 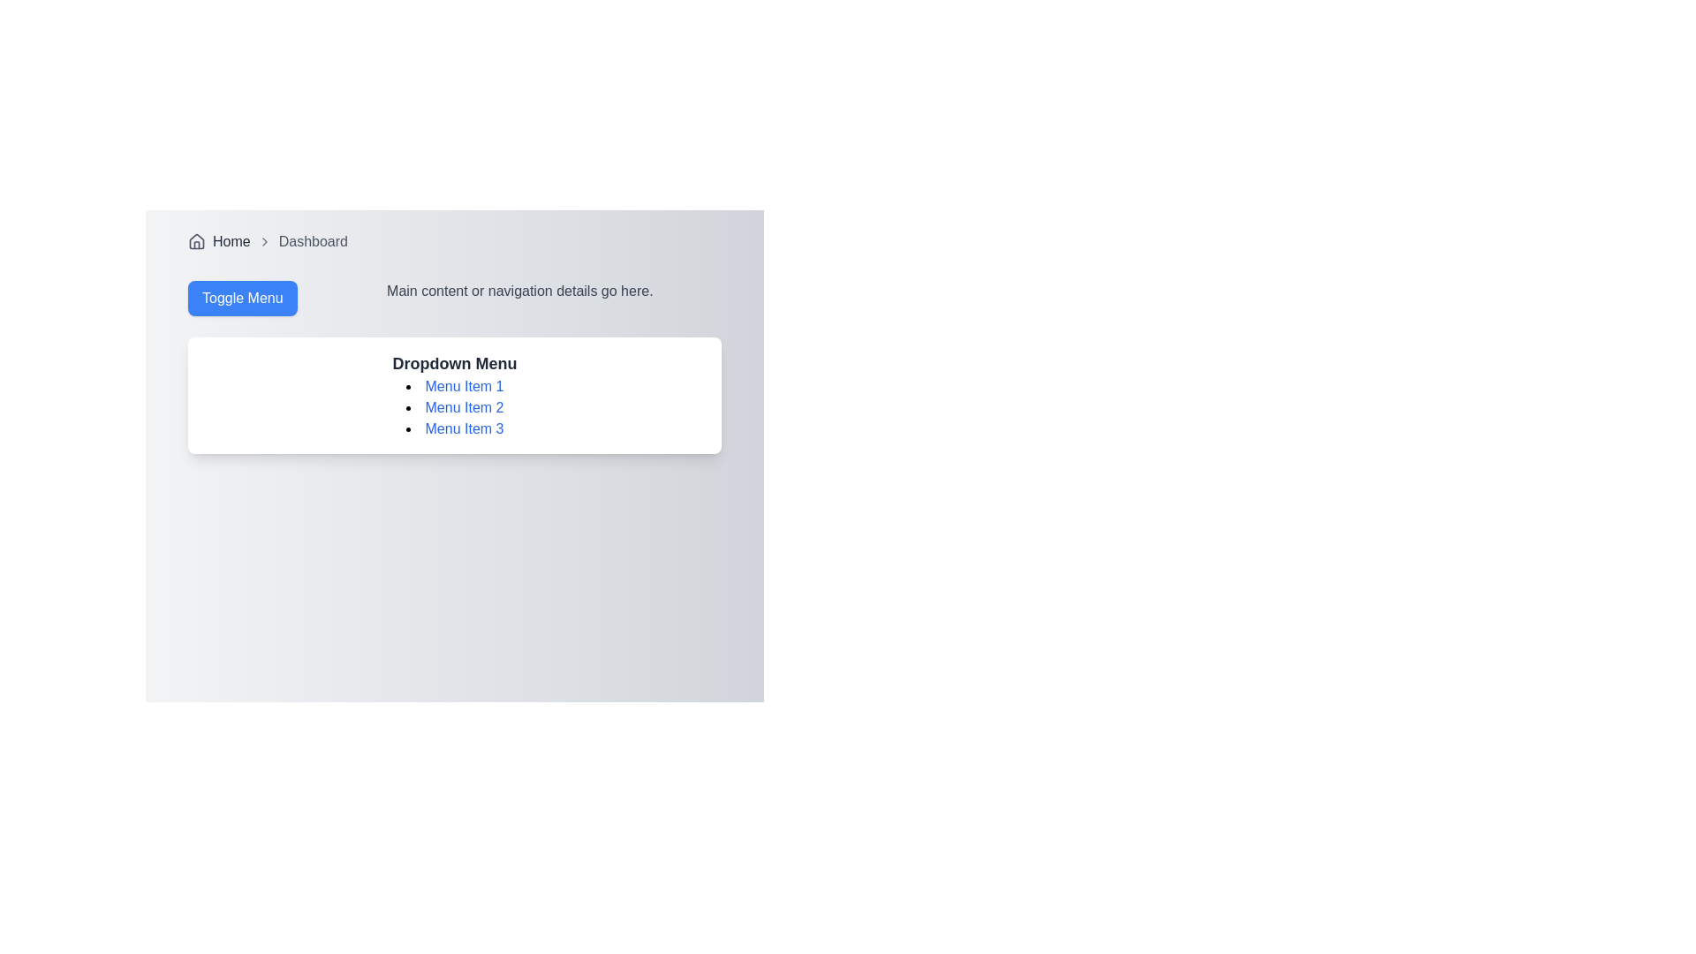 What do you see at coordinates (196, 241) in the screenshot?
I see `the 'Home' SVG icon located in the upper-left corner of the interface` at bounding box center [196, 241].